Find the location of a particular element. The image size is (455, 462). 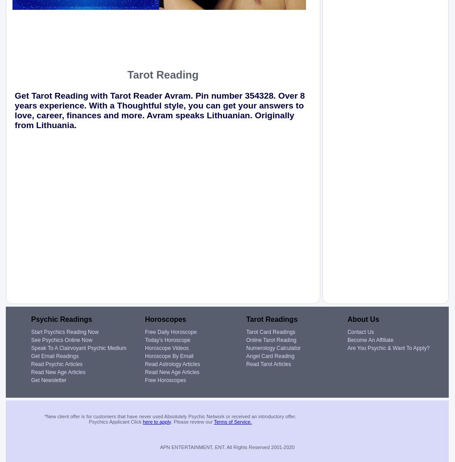

'Get Newsletter' is located at coordinates (48, 379).